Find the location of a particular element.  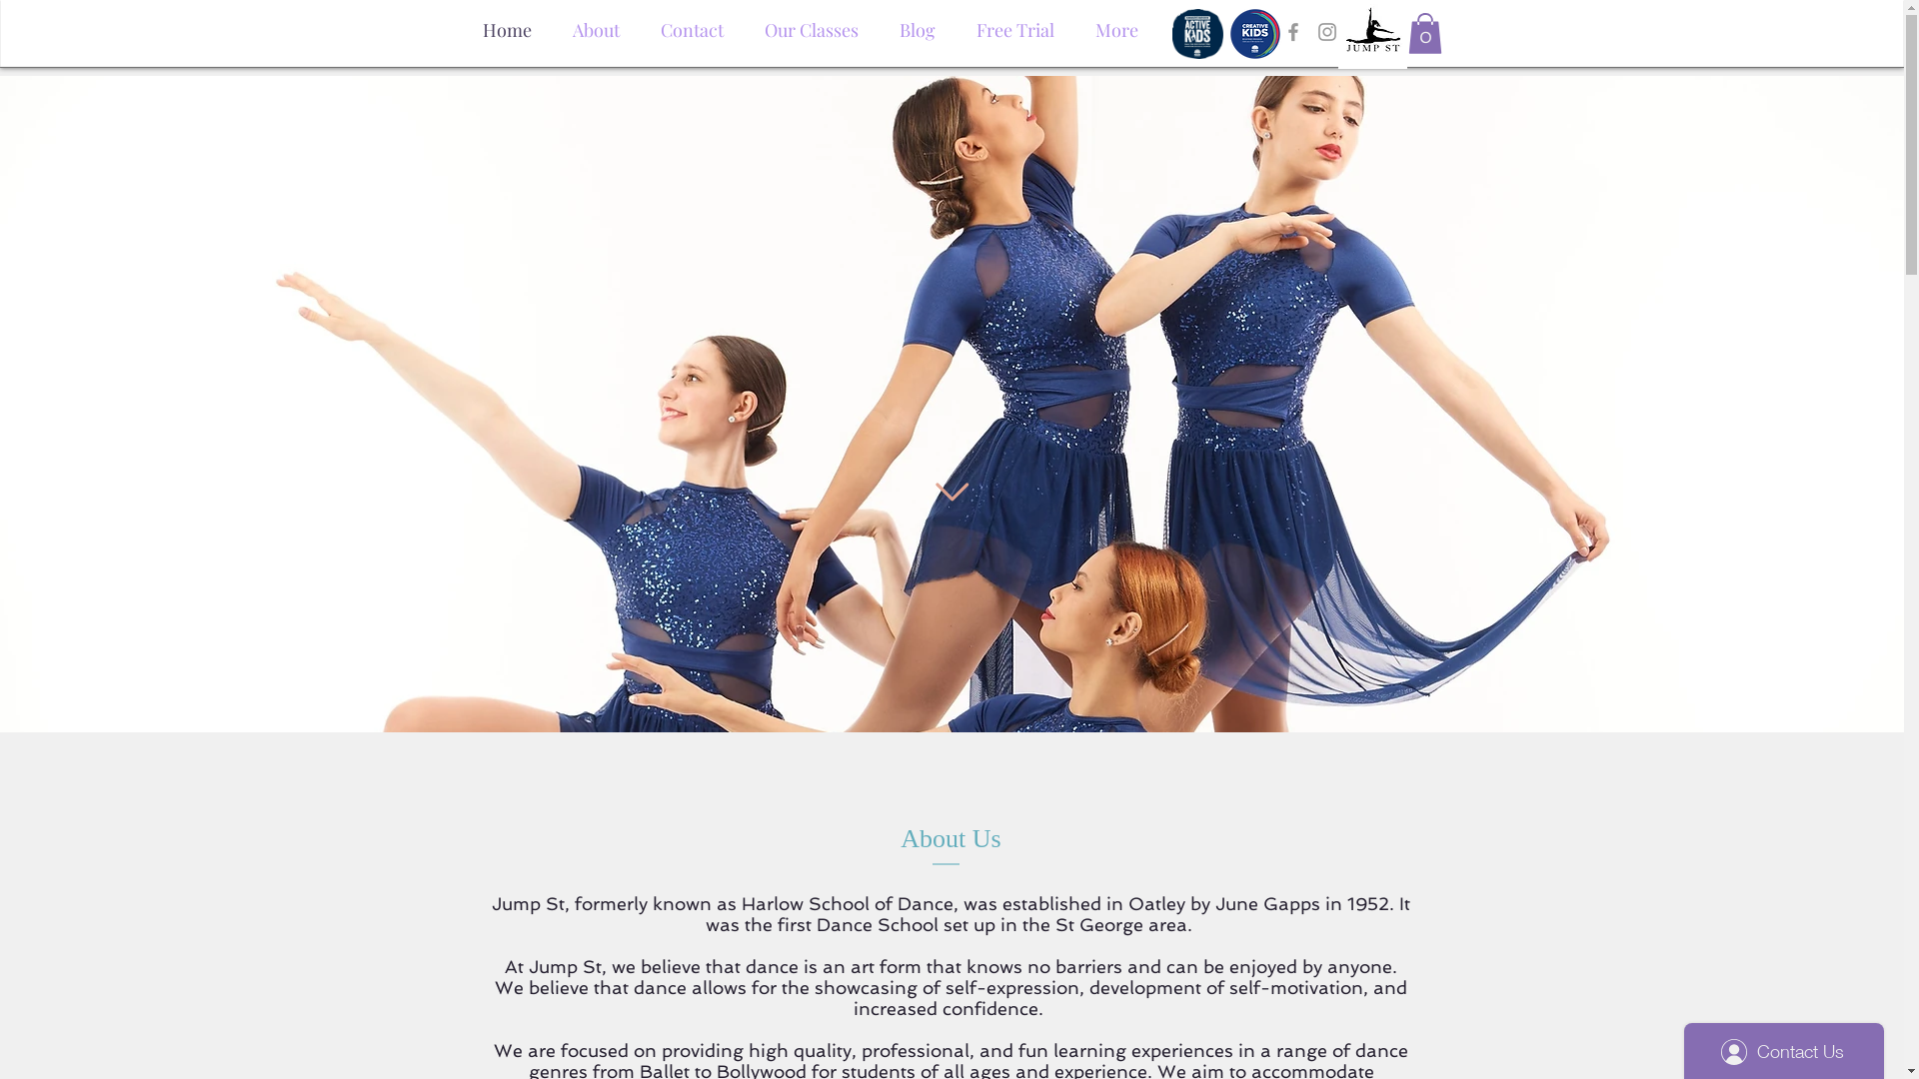

'Home' is located at coordinates (507, 24).